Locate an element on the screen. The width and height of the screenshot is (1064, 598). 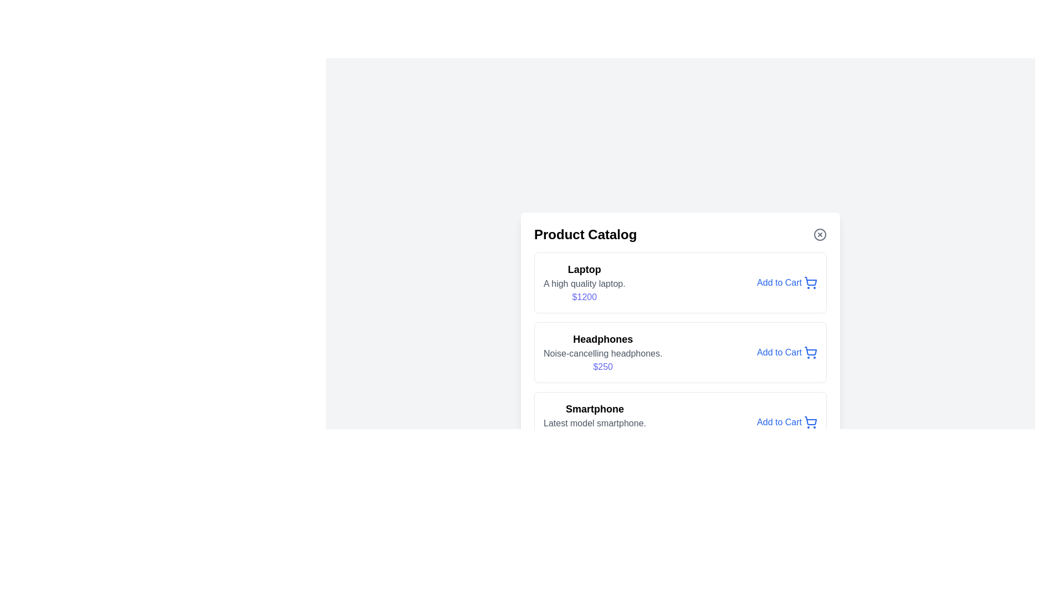
the 'Add to Cart' button for the product Laptop is located at coordinates (786, 282).